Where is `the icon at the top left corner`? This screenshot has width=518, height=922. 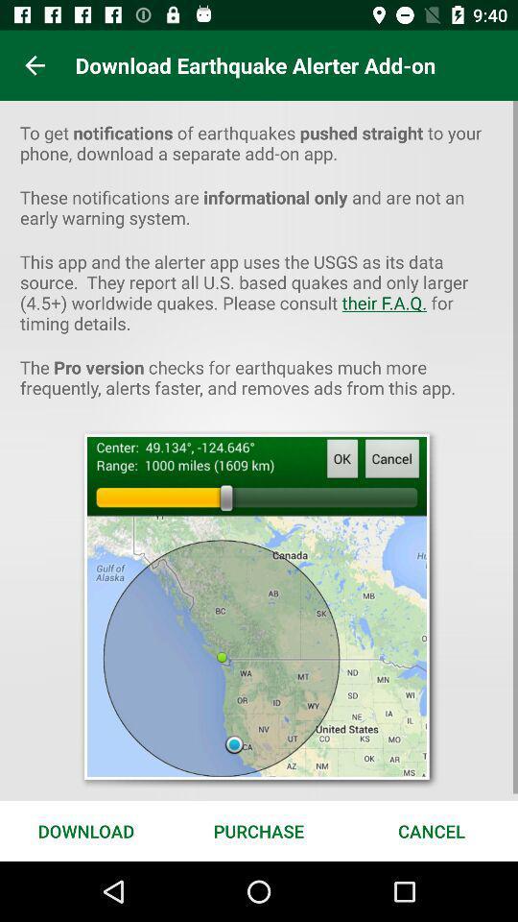 the icon at the top left corner is located at coordinates (35, 65).